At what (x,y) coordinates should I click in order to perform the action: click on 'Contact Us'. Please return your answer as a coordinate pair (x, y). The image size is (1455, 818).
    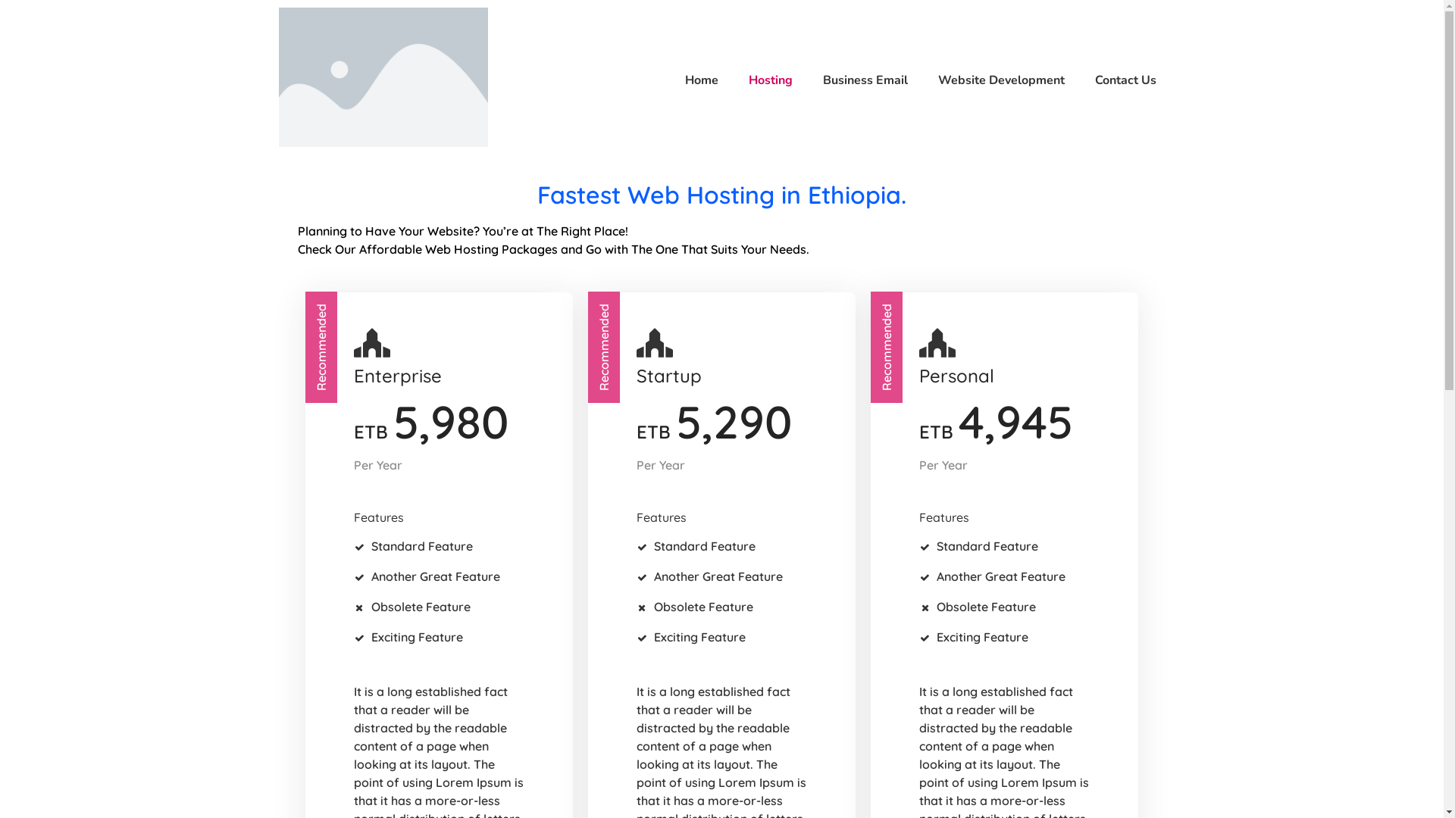
    Looking at the image, I should click on (1118, 80).